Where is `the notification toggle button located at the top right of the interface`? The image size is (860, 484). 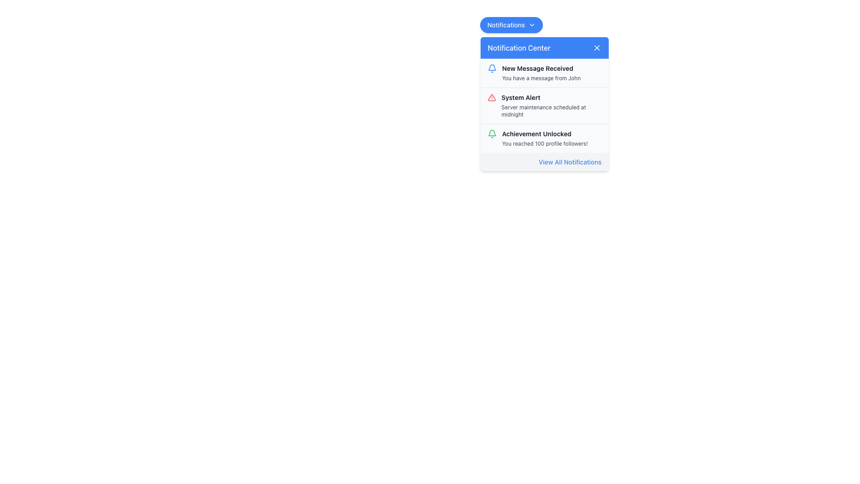 the notification toggle button located at the top right of the interface is located at coordinates (512, 25).